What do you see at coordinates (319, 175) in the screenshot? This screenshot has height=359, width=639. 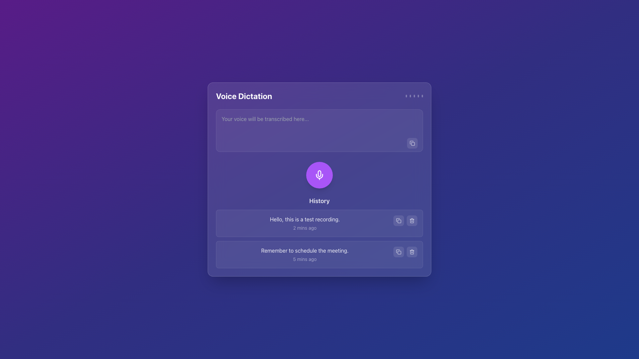 I see `the microphone button located centrally below the text input area labeled 'Your voice will be transcribed here...'` at bounding box center [319, 175].